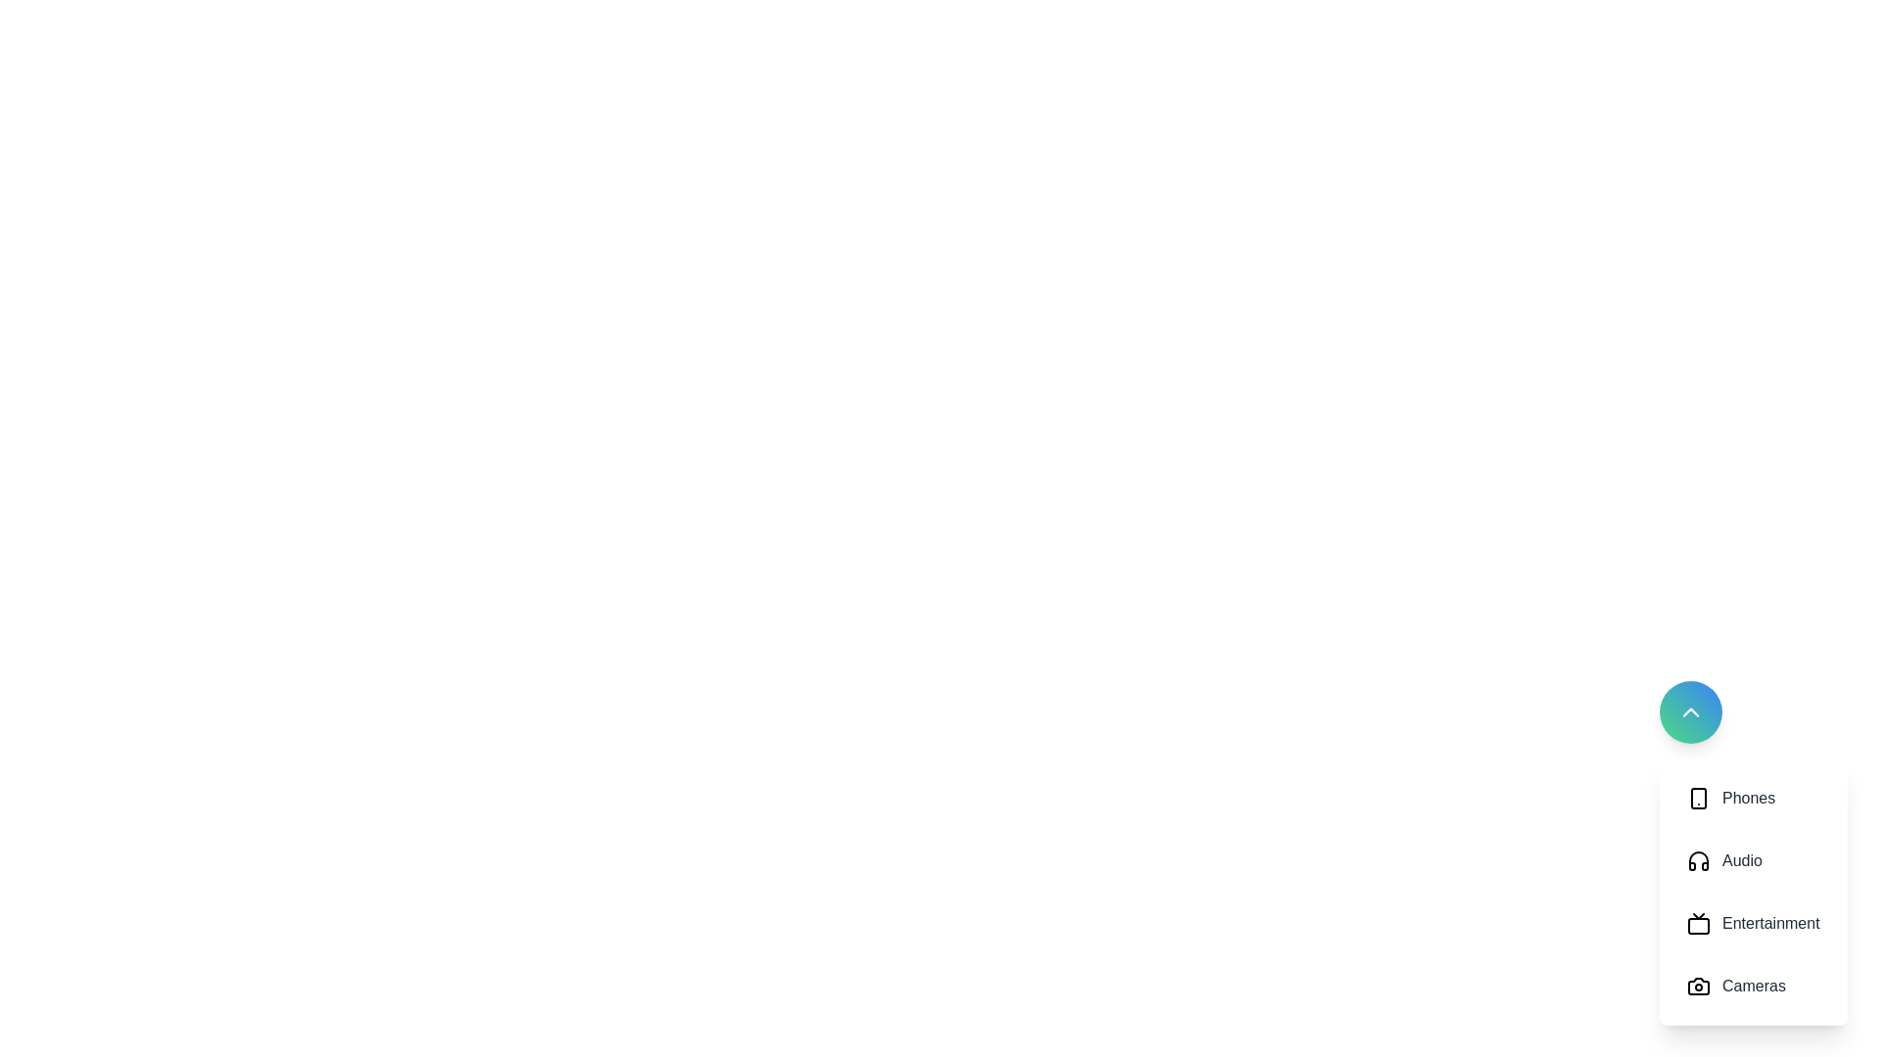 This screenshot has width=1879, height=1057. Describe the element at coordinates (1753, 799) in the screenshot. I see `the category button labeled 'Phones' to observe any visual changes or tooltips` at that location.